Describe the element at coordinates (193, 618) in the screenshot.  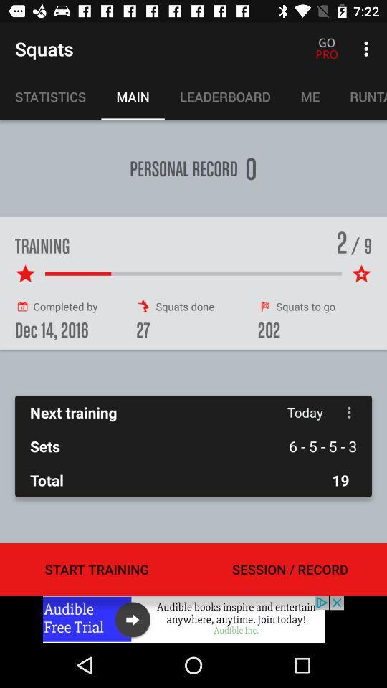
I see `open link to advertisement` at that location.